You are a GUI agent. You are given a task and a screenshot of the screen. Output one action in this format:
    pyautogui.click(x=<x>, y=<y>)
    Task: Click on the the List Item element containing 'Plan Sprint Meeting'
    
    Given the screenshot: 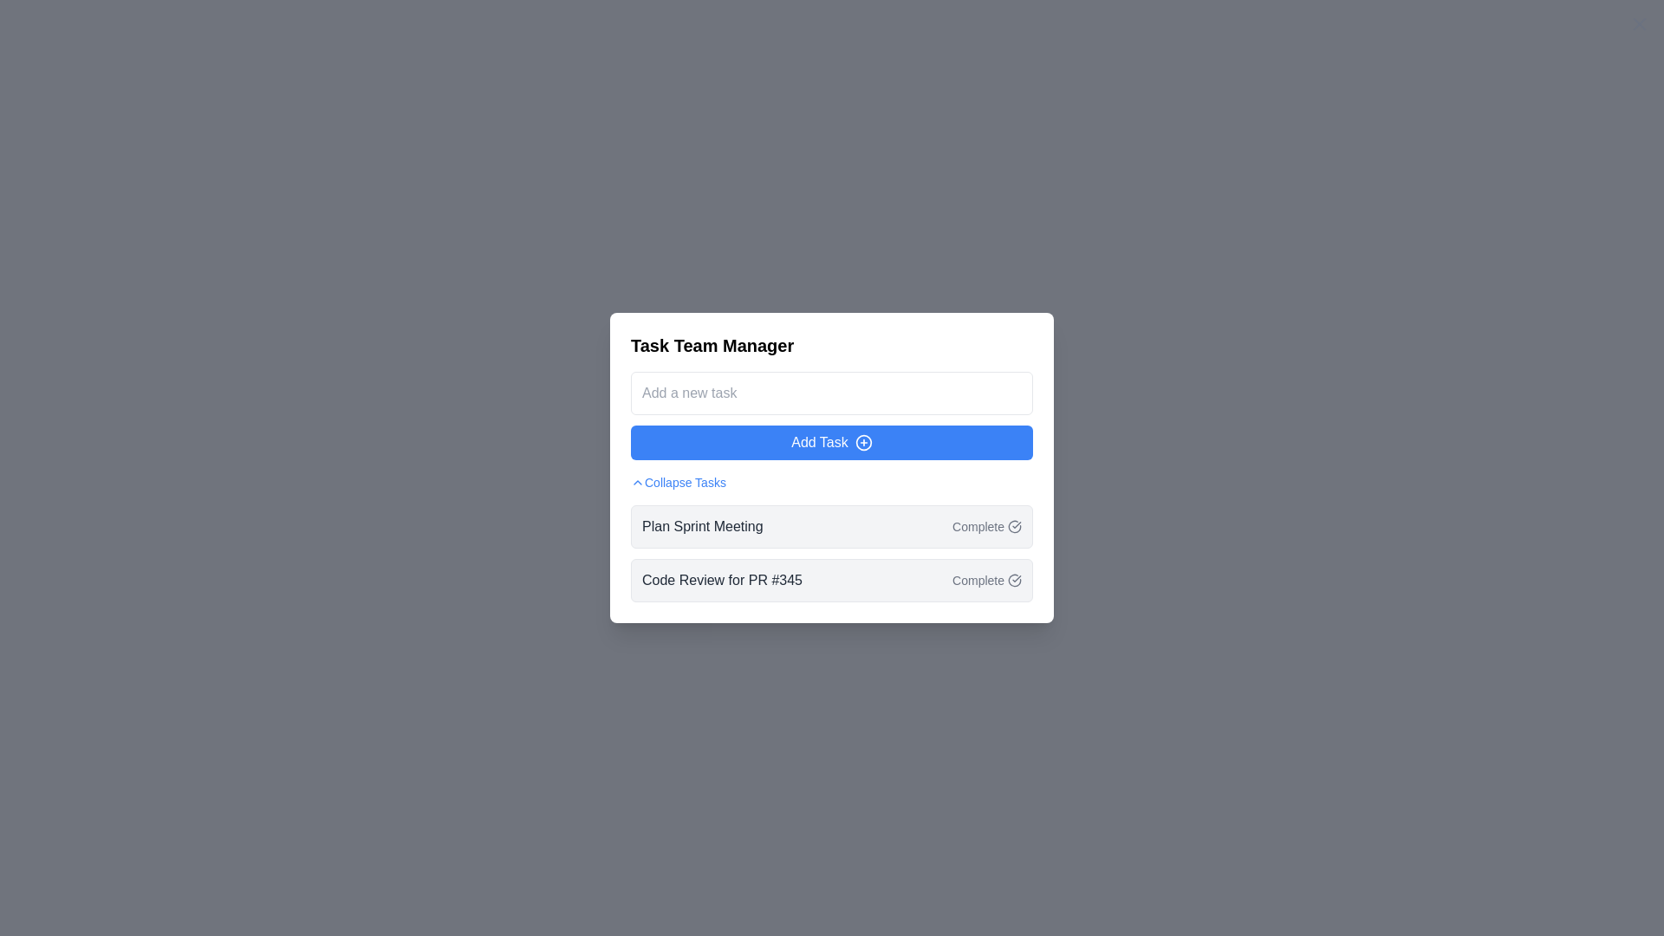 What is the action you would take?
    pyautogui.click(x=832, y=526)
    